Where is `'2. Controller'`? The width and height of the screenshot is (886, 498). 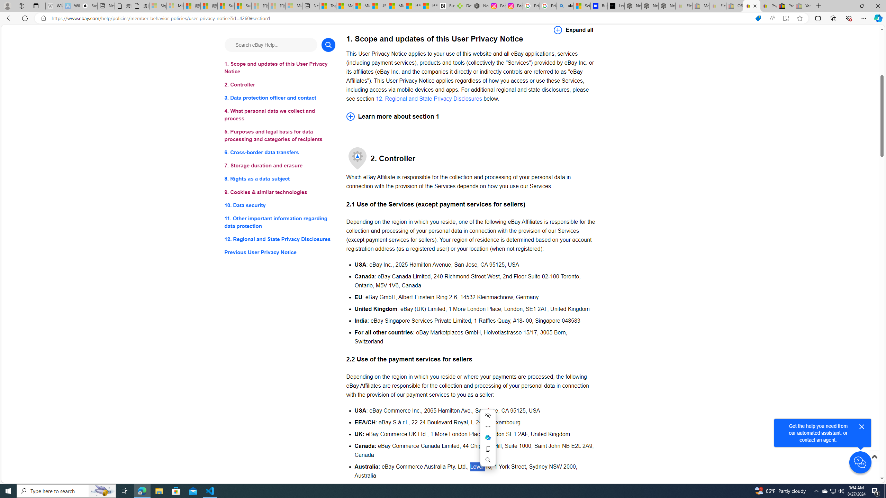 '2. Controller' is located at coordinates (279, 84).